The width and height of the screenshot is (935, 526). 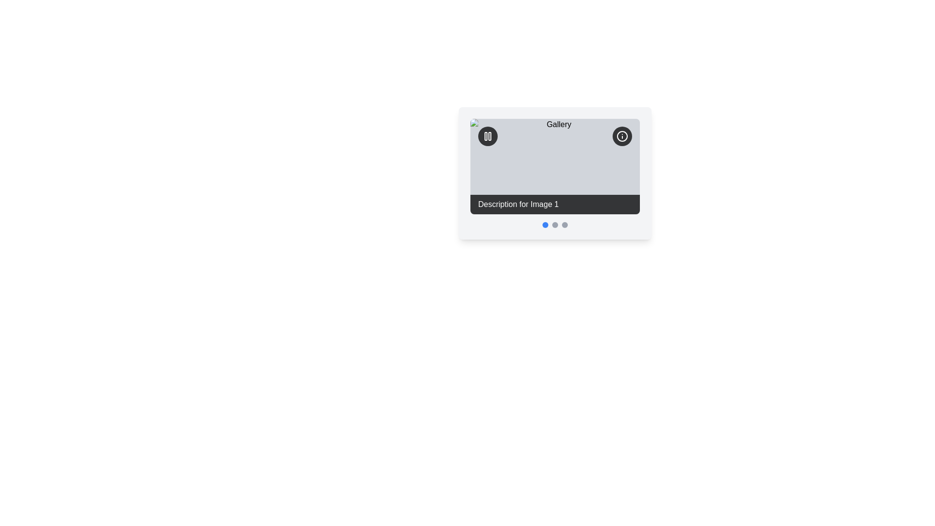 What do you see at coordinates (555, 225) in the screenshot?
I see `the second circular gray indicator located under the description bar labeled 'Description for Image 1'` at bounding box center [555, 225].